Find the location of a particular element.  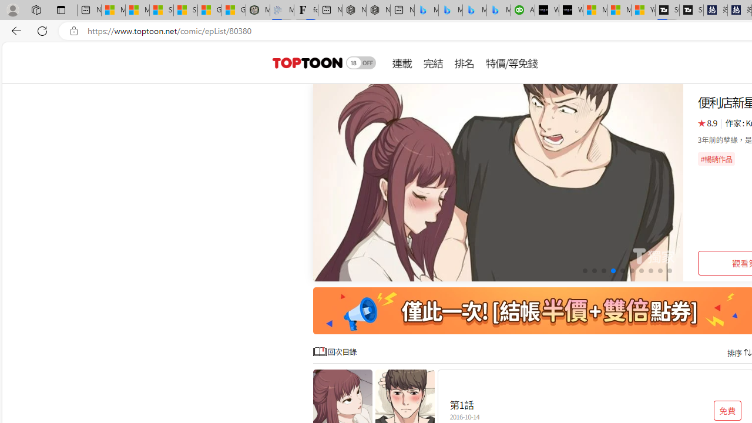

'Go to slide 9' is located at coordinates (660, 271).